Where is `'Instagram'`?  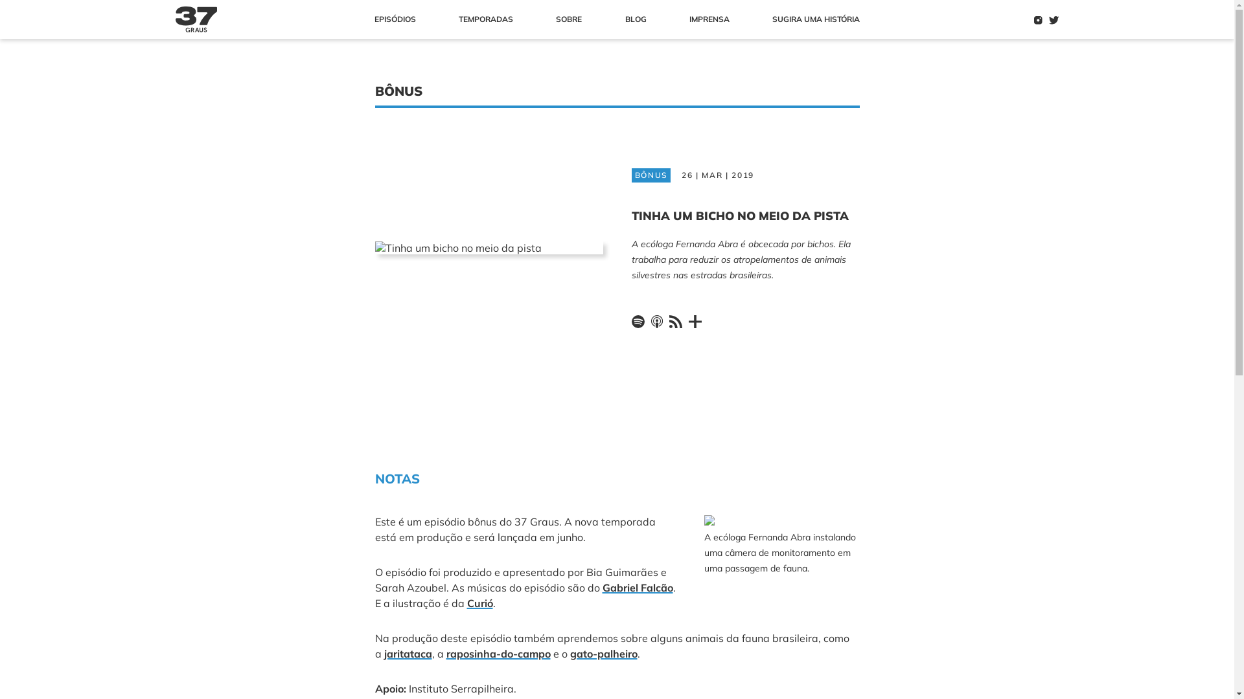
'Instagram' is located at coordinates (1038, 20).